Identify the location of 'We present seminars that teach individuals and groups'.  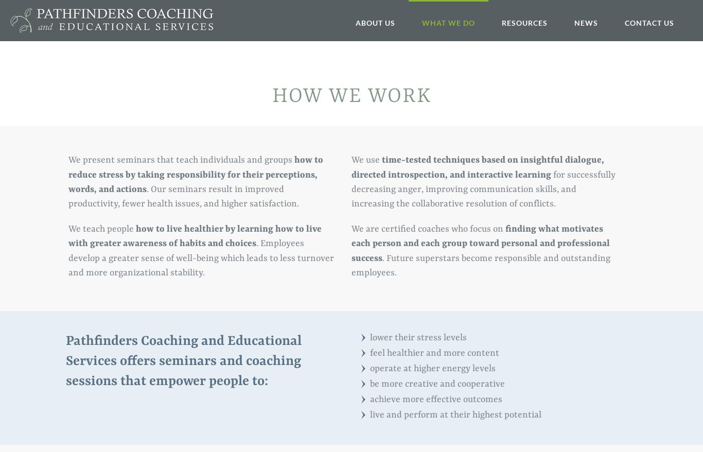
(181, 160).